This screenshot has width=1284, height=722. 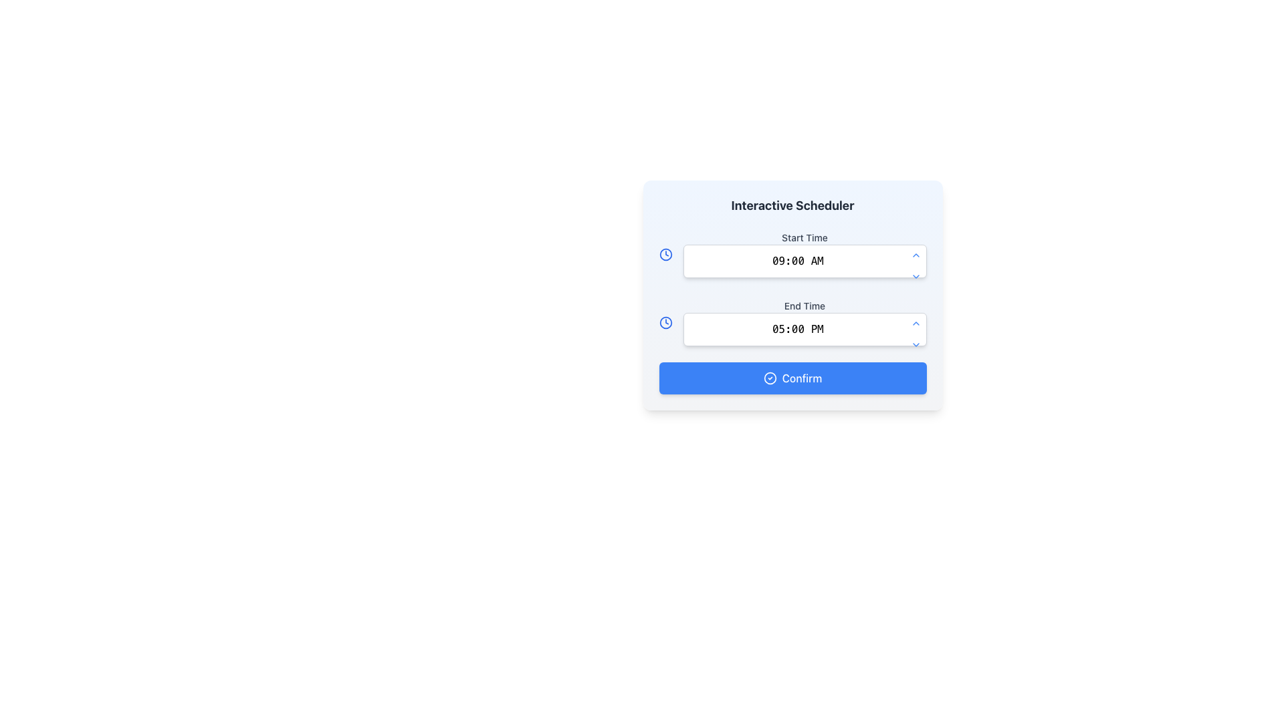 What do you see at coordinates (770, 378) in the screenshot?
I see `the SVG Circle that represents a state or status within the icon group related to a confirmation action in the scheduling interface` at bounding box center [770, 378].